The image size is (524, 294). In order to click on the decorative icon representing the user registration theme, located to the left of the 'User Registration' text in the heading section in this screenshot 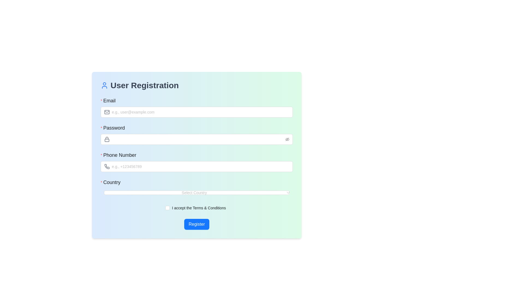, I will do `click(105, 85)`.